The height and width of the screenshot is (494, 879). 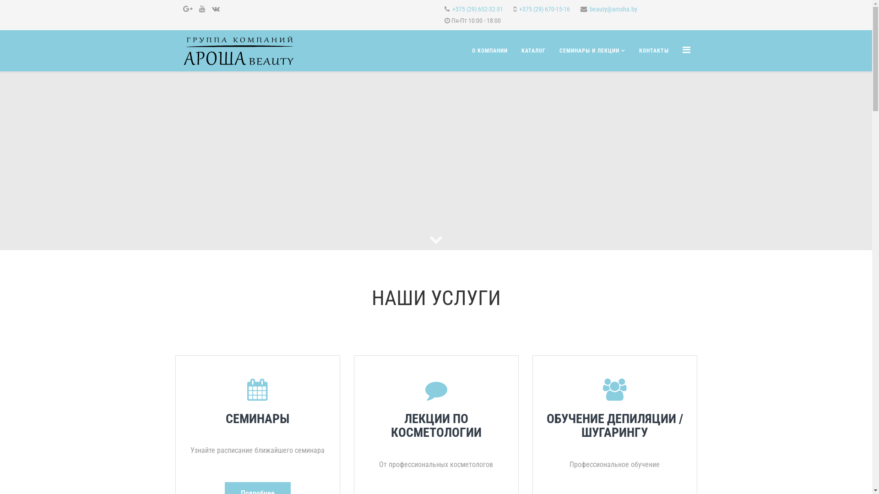 What do you see at coordinates (544, 9) in the screenshot?
I see `'+375 (29) 670-15-16'` at bounding box center [544, 9].